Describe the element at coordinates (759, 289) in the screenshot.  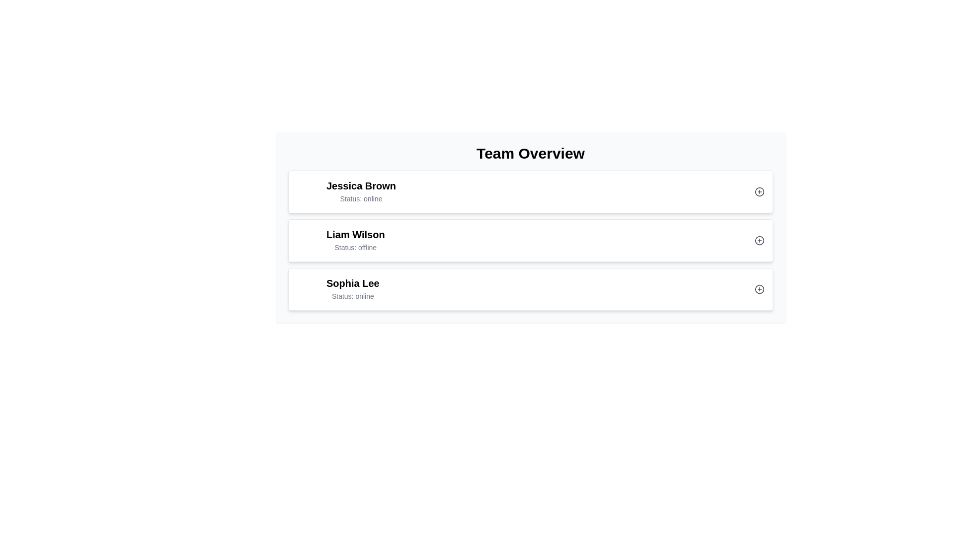
I see `the SVG Circle outline element located within the icon on the far right of the third row labeled 'Sophia Lee' with status 'online'` at that location.